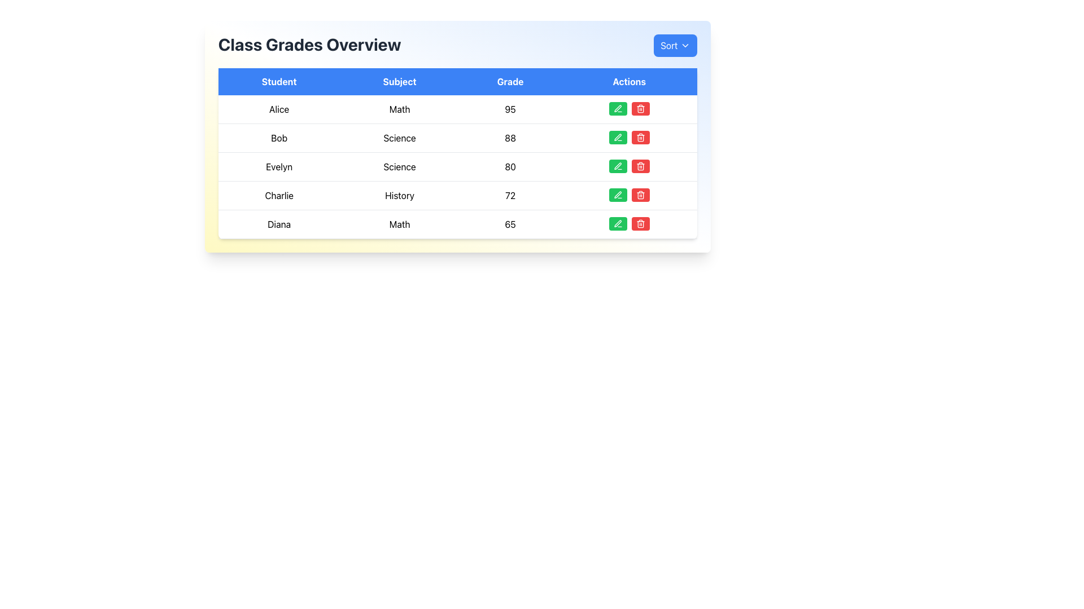  What do you see at coordinates (617, 223) in the screenshot?
I see `the pen icon button in the bottommost row under the 'Actions' column of the table to initiate an edit action` at bounding box center [617, 223].